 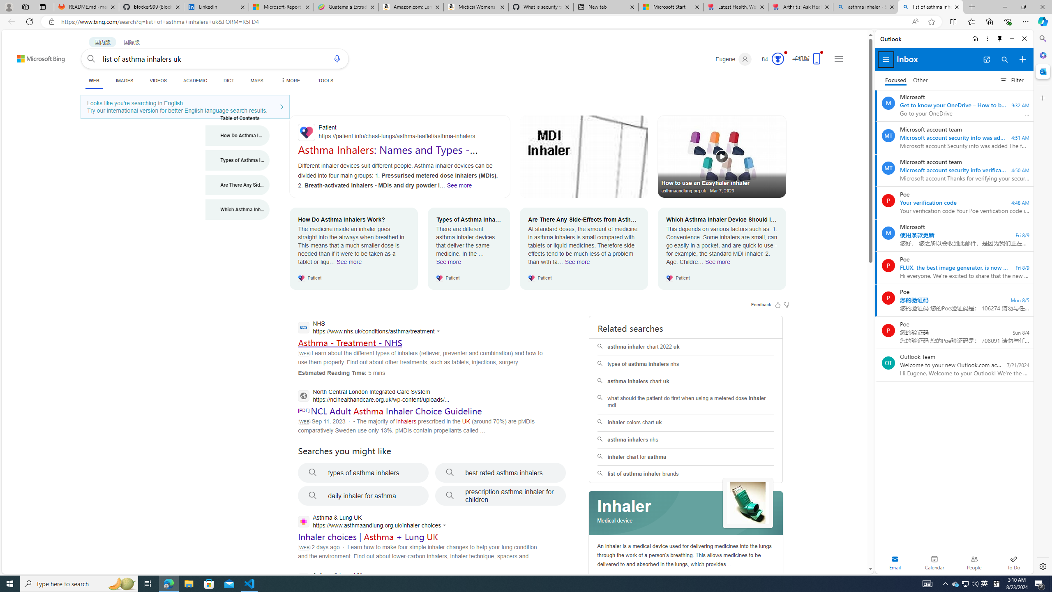 What do you see at coordinates (685, 474) in the screenshot?
I see `'list of asthma inhaler brands'` at bounding box center [685, 474].